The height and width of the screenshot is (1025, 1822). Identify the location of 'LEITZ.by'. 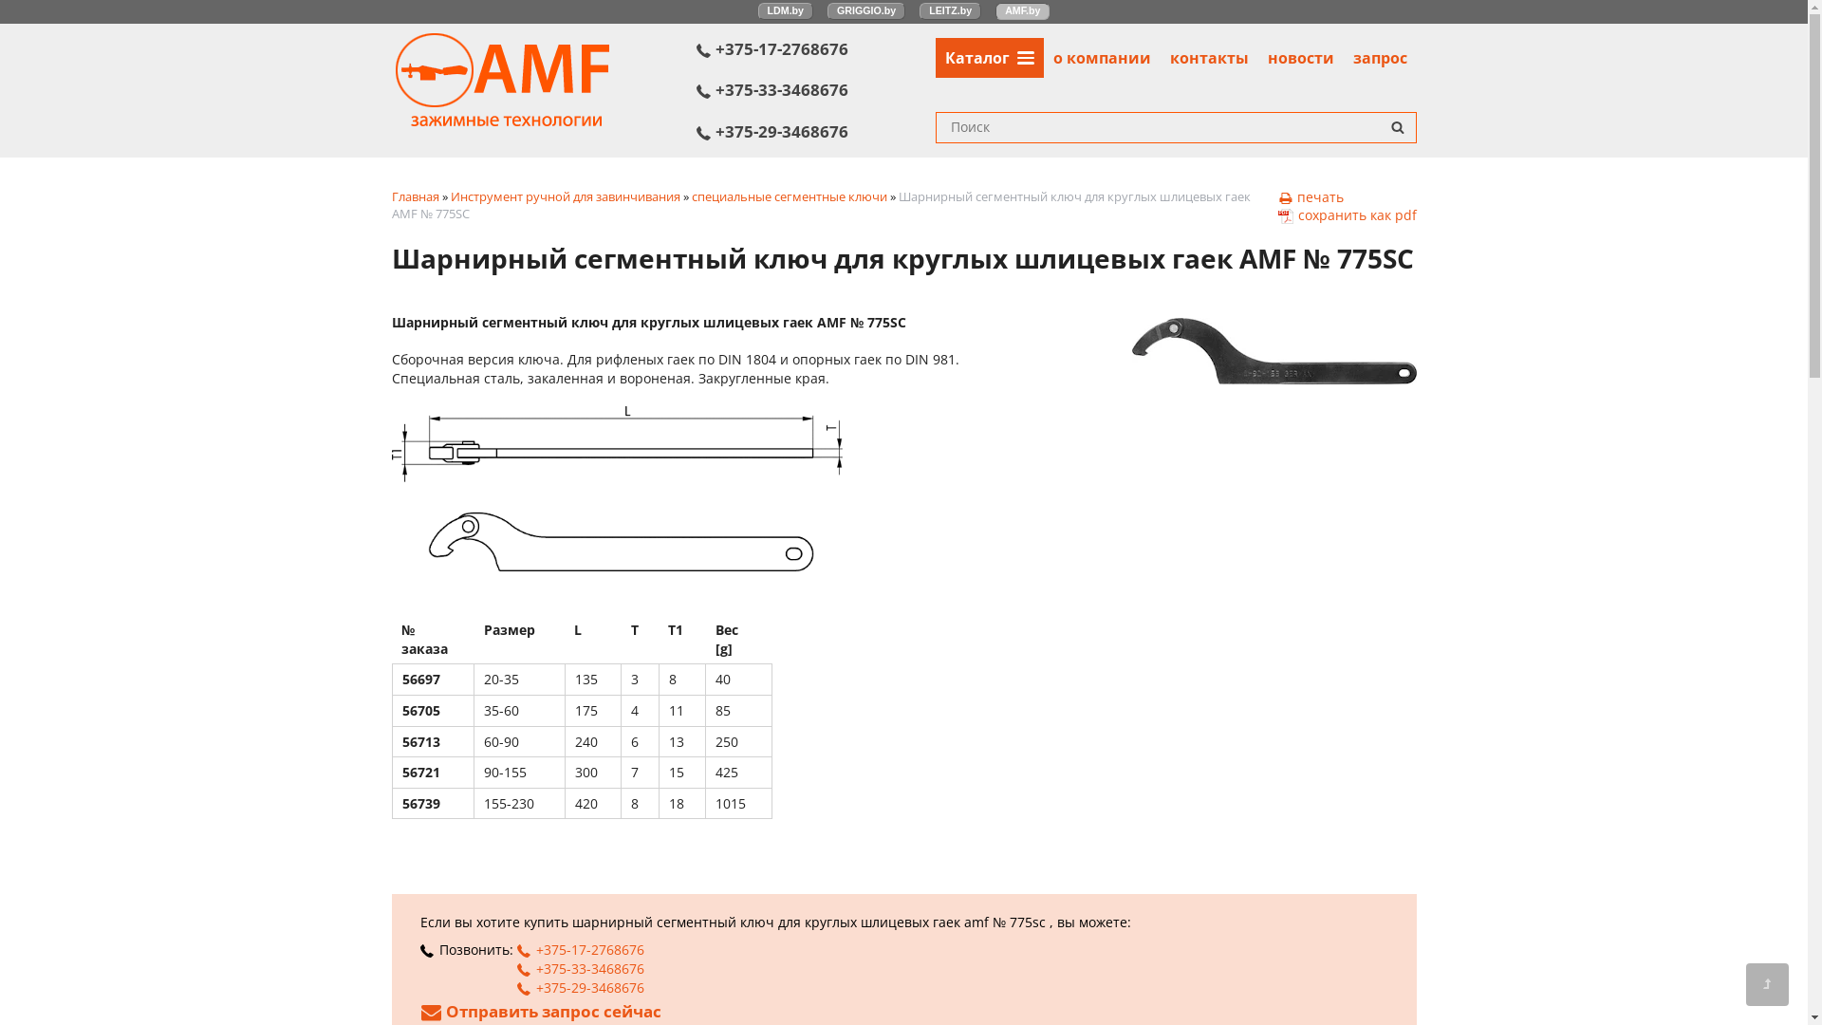
(950, 10).